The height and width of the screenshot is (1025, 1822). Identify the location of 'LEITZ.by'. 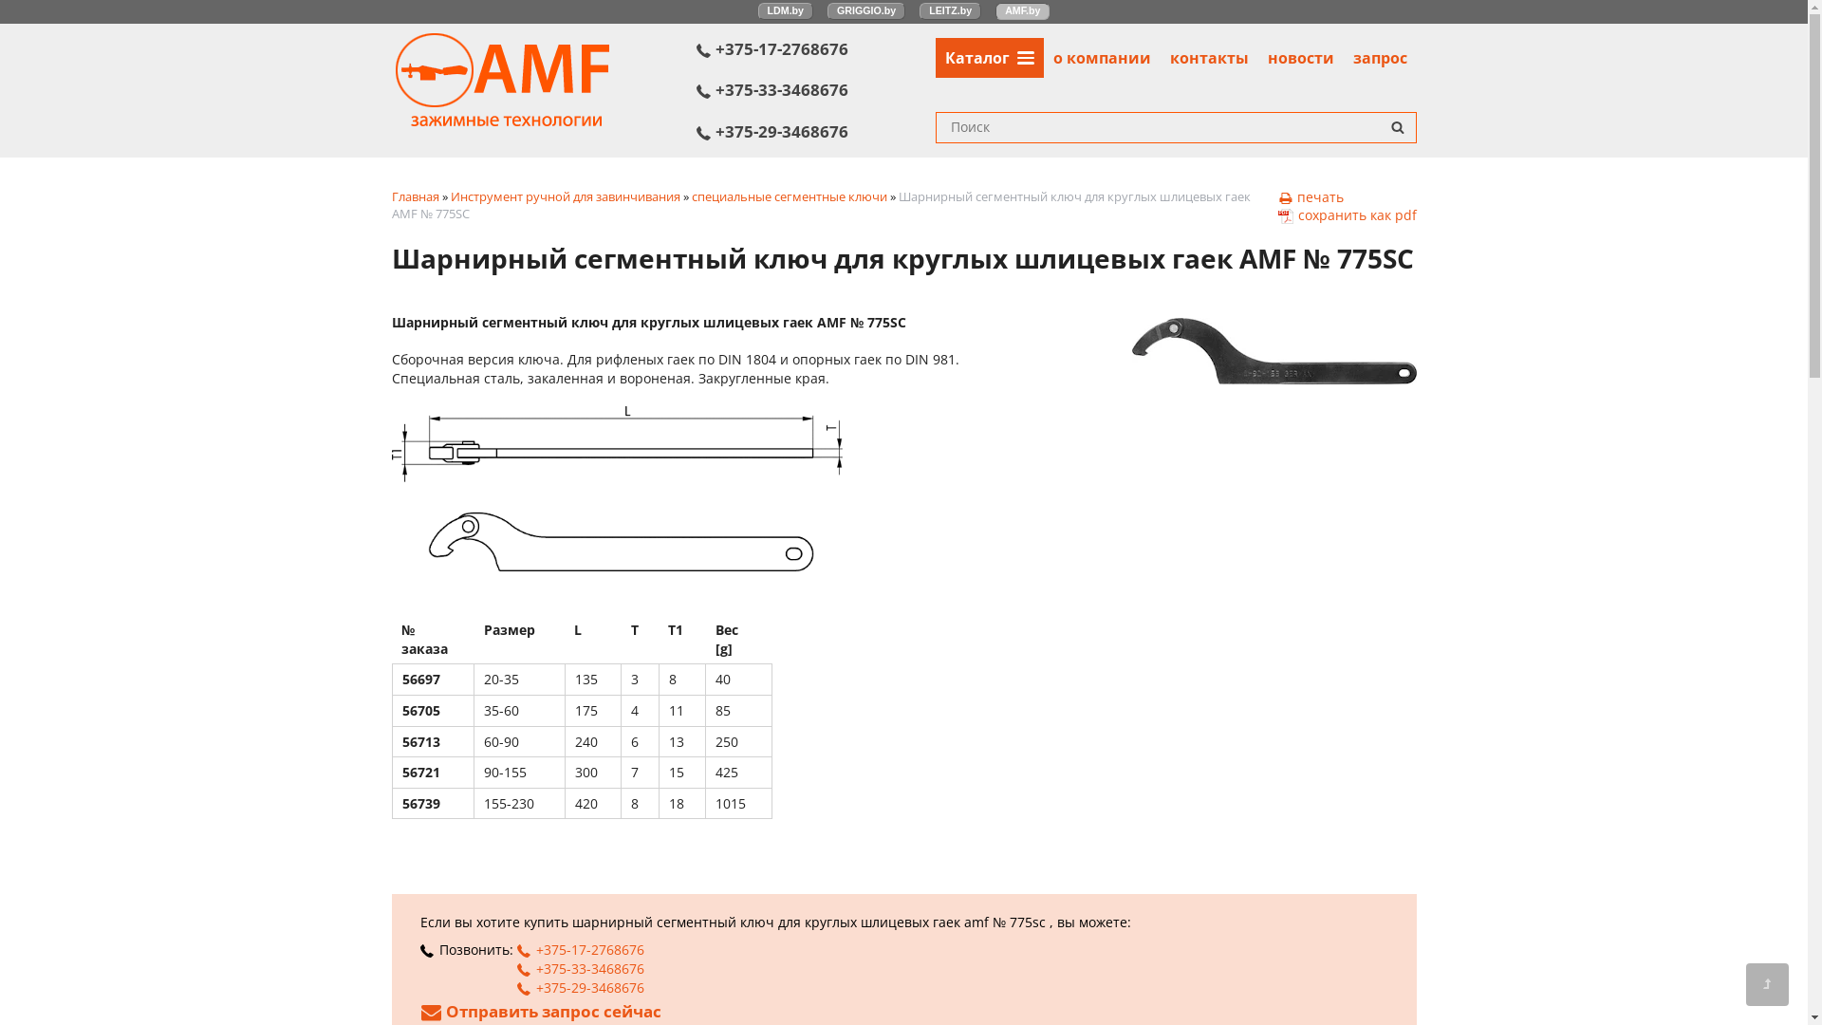
(950, 10).